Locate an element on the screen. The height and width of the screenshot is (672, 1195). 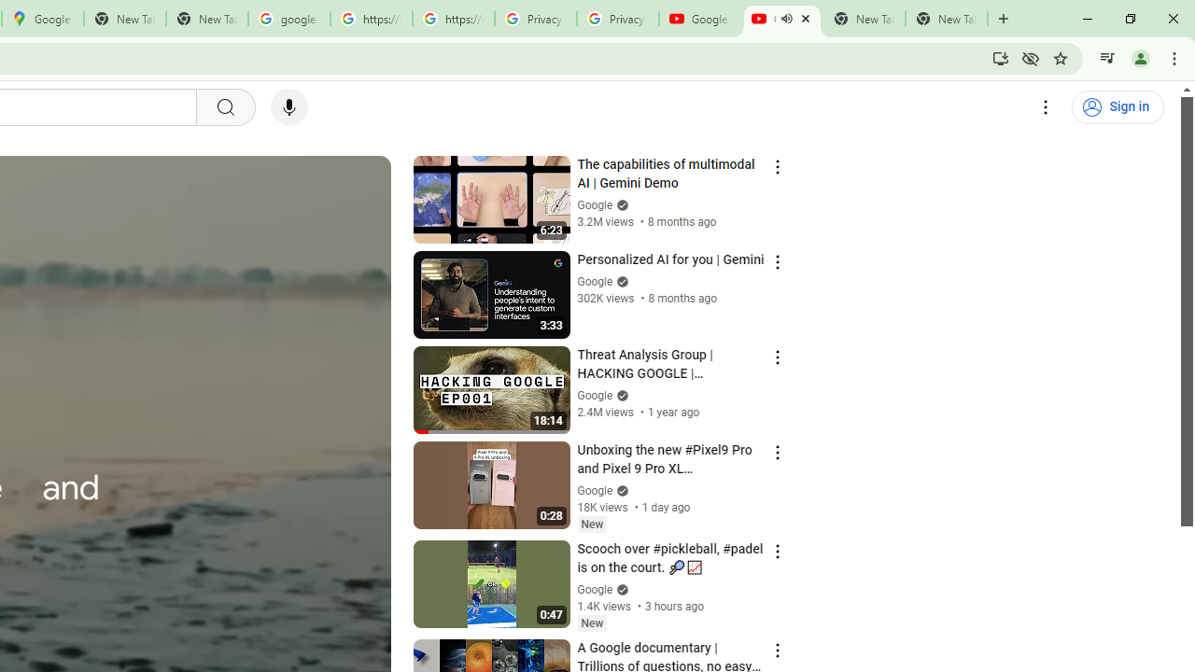
'New' is located at coordinates (591, 623).